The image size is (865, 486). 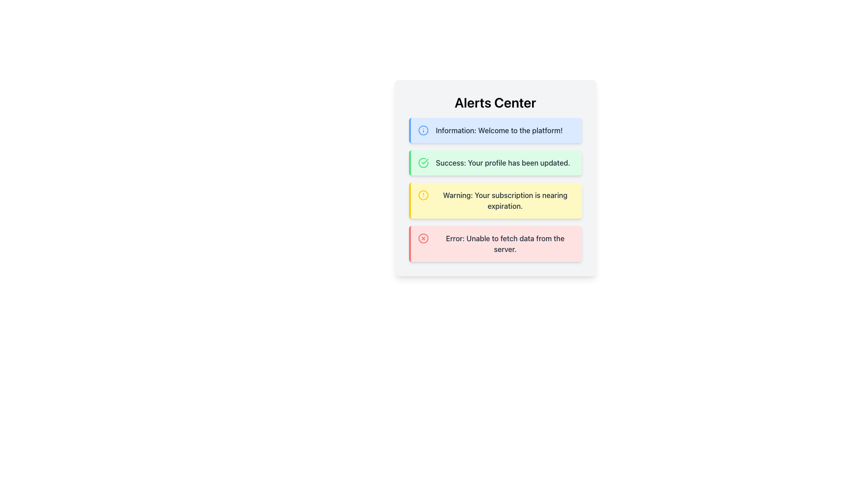 What do you see at coordinates (505, 200) in the screenshot?
I see `text content of the warning notification block, which alerts users about their subscription nearing expiration and is visually distinct with yellow styling, located as the third alert in a vertical stack of notifications` at bounding box center [505, 200].